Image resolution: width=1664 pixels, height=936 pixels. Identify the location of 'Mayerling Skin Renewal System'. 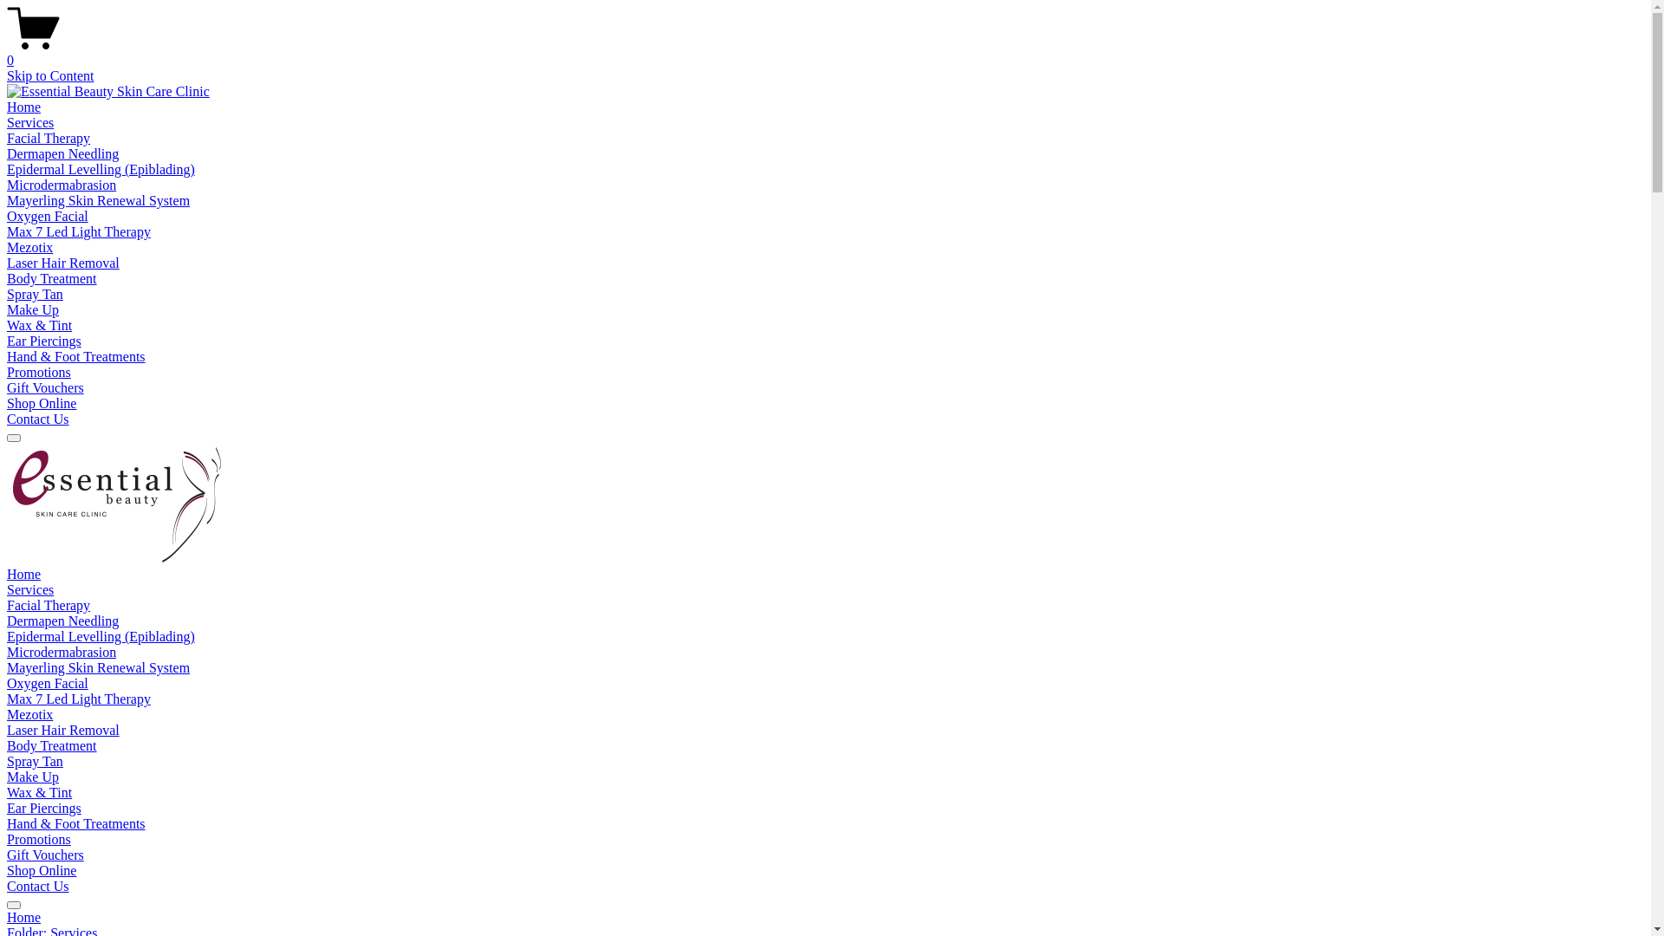
(97, 199).